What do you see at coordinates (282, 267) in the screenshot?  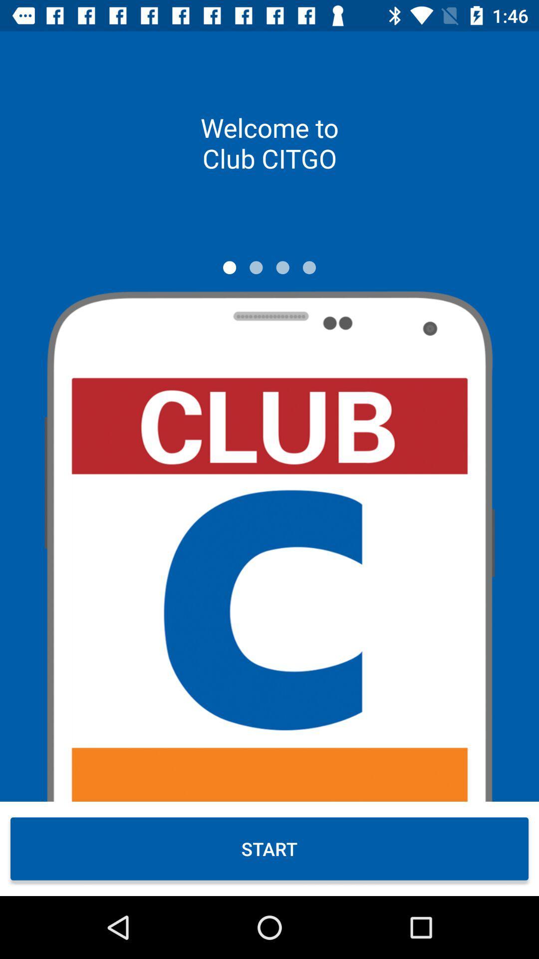 I see `click more information` at bounding box center [282, 267].